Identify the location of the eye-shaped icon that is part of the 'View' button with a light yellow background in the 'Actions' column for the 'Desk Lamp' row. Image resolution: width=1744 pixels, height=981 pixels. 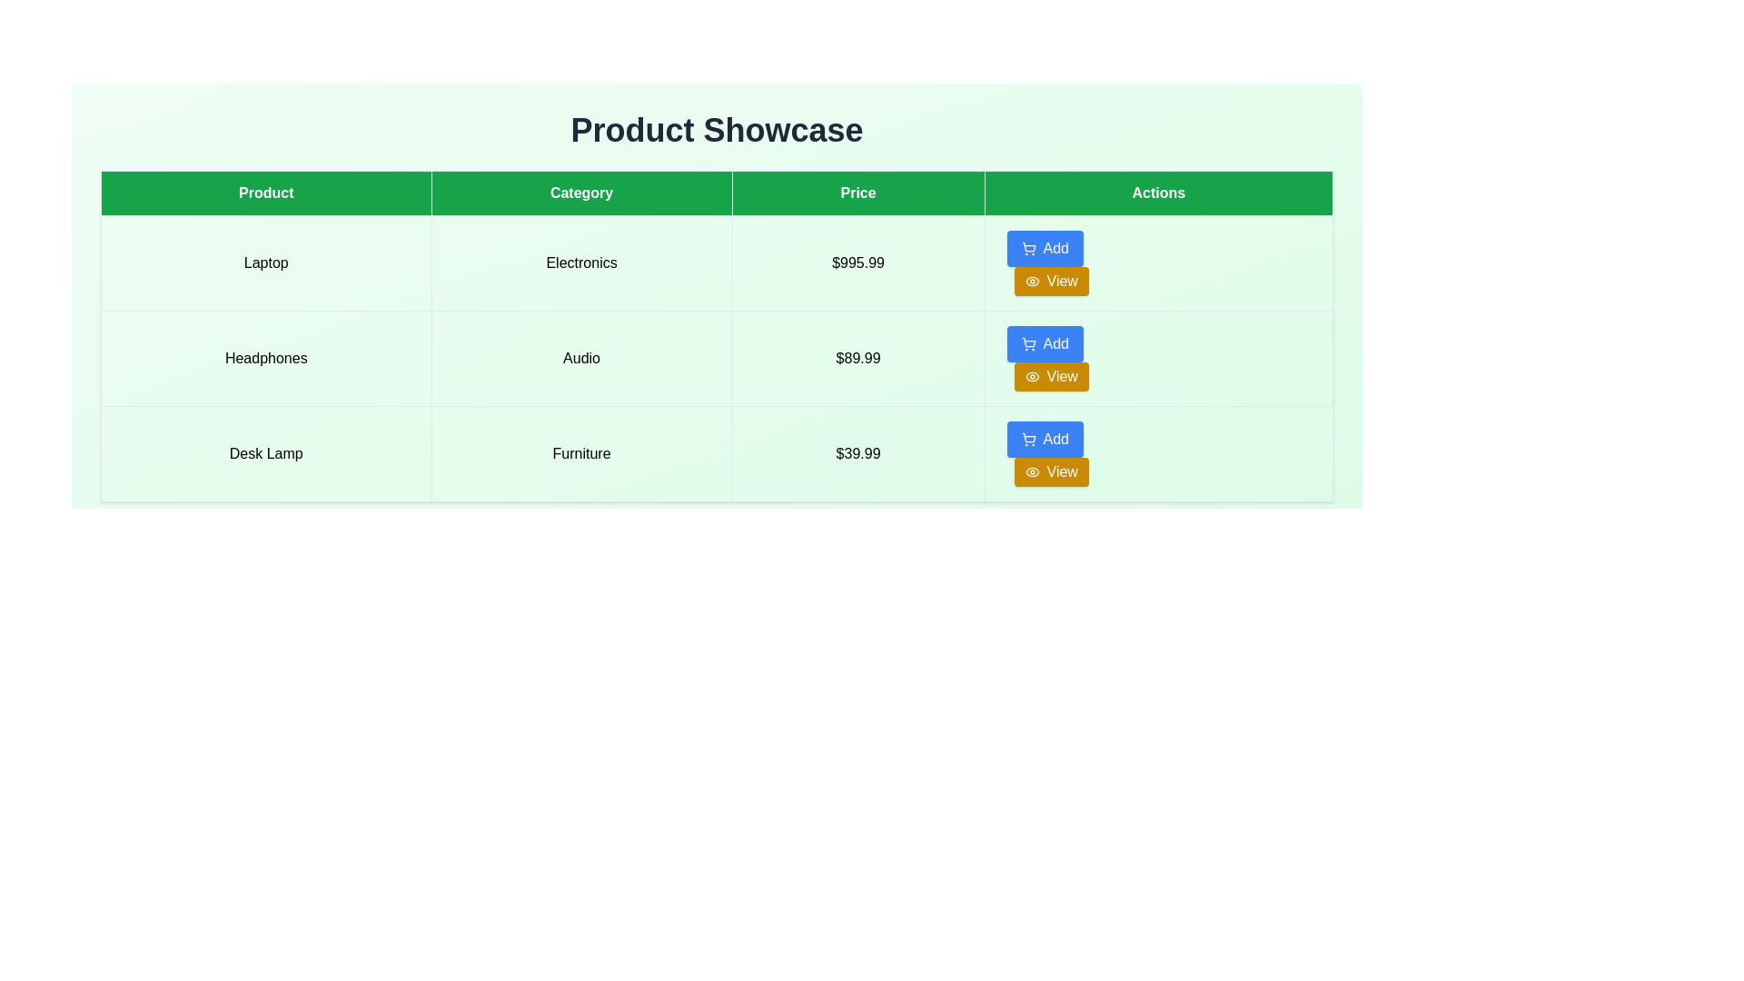
(1032, 471).